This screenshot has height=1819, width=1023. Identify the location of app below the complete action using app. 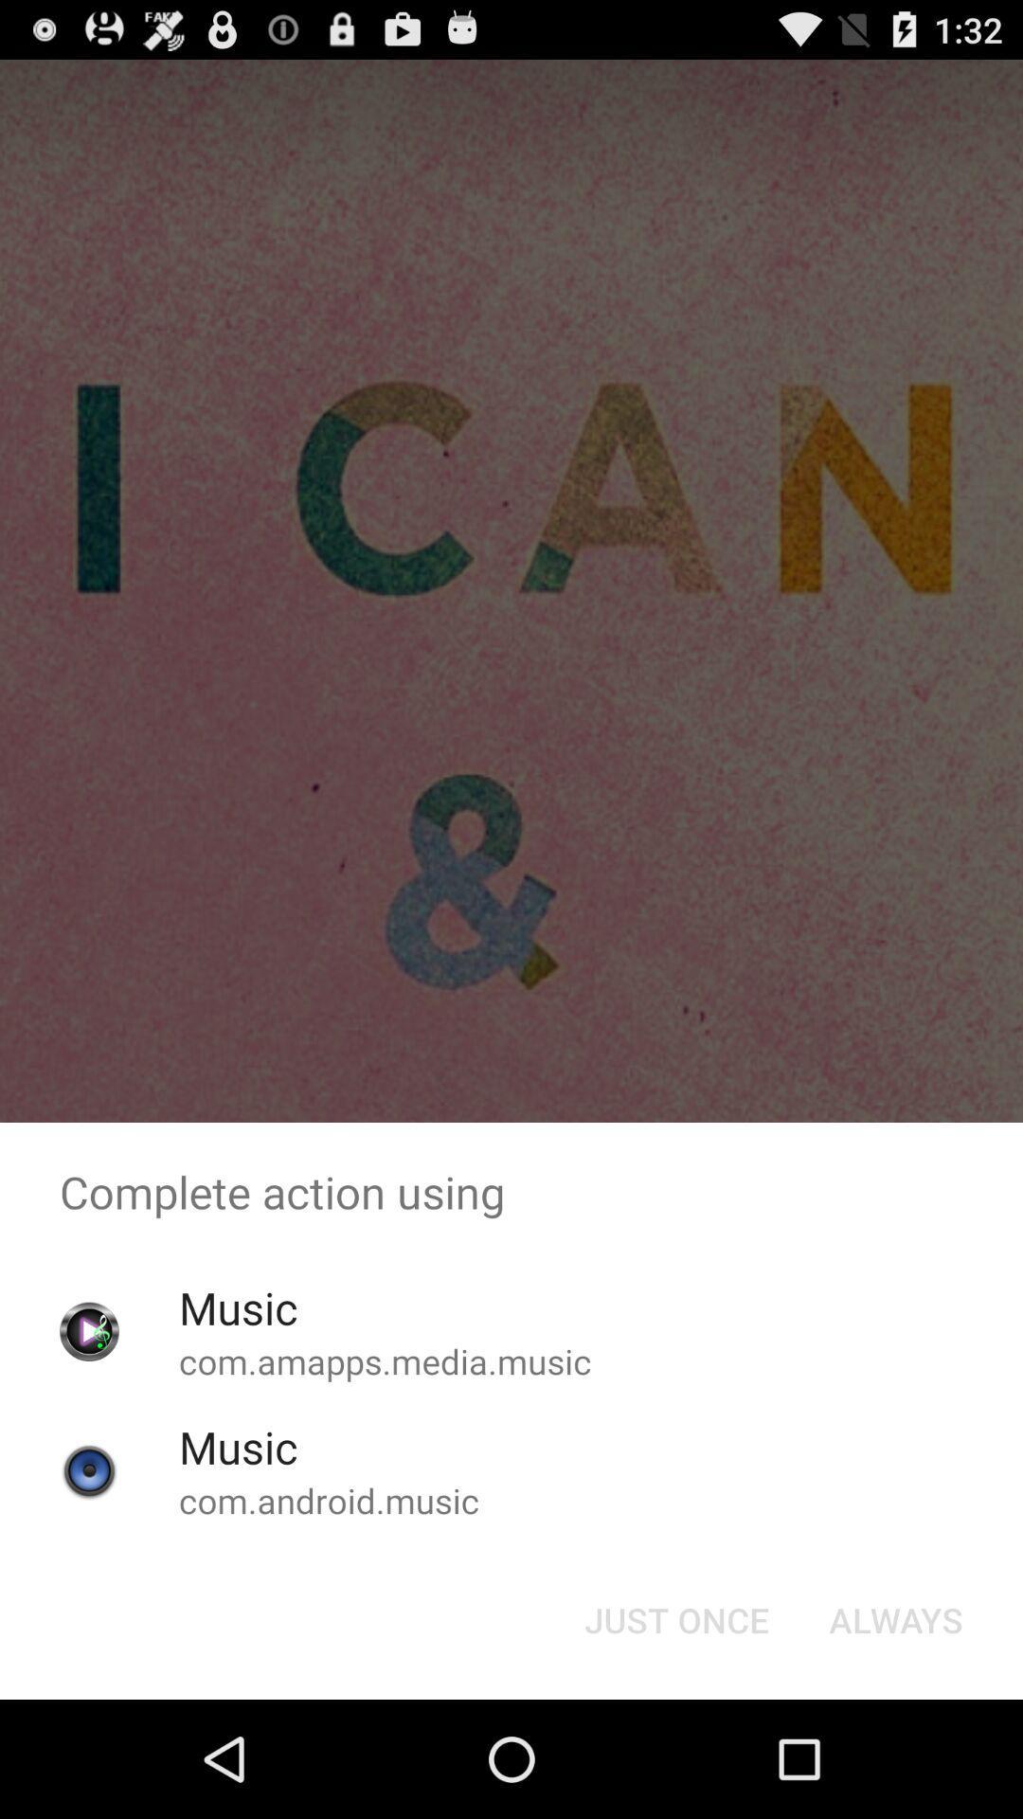
(895, 1618).